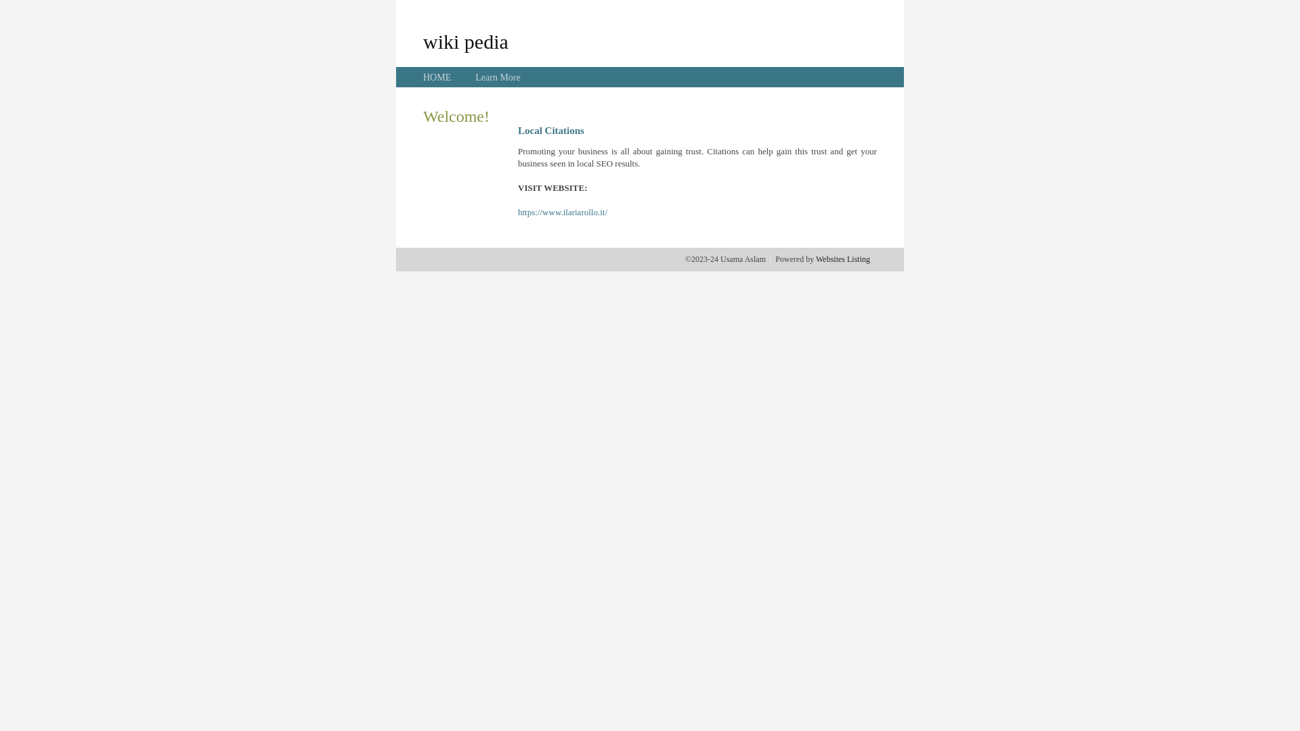 The height and width of the screenshot is (731, 1300). Describe the element at coordinates (437, 77) in the screenshot. I see `'HOME'` at that location.